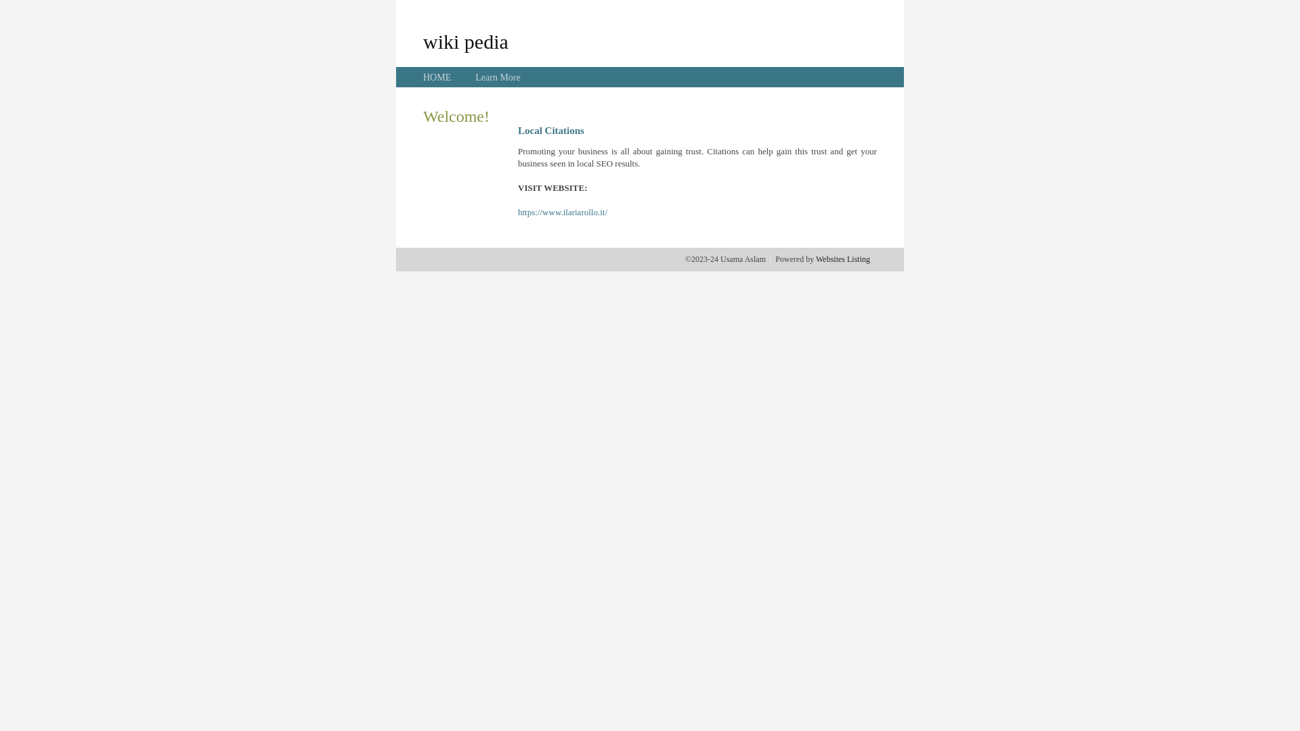 The height and width of the screenshot is (731, 1300). Describe the element at coordinates (437, 77) in the screenshot. I see `'HOME'` at that location.